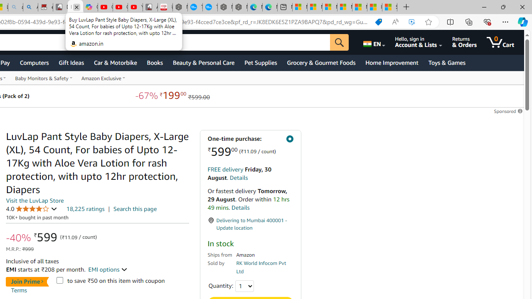 The width and height of the screenshot is (532, 299). What do you see at coordinates (30, 7) in the screenshot?
I see `'Amazon Echo Dot PNG - Search Images'` at bounding box center [30, 7].